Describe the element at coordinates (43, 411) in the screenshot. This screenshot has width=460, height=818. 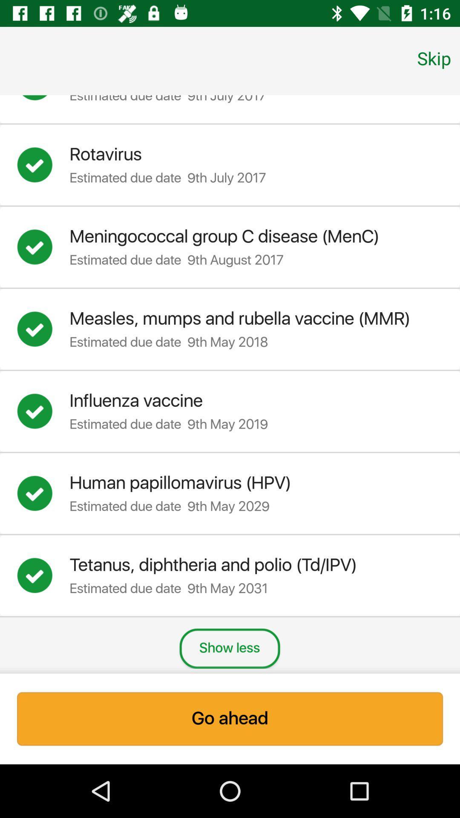
I see `completed influenza vaccine` at that location.